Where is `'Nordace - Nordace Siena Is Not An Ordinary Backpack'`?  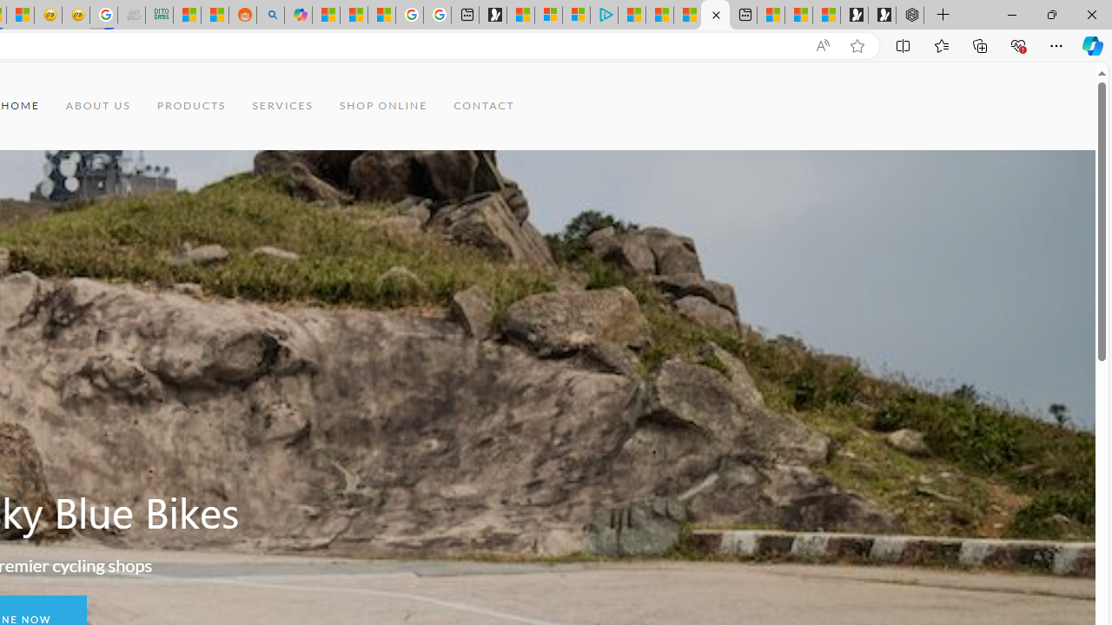 'Nordace - Nordace Siena Is Not An Ordinary Backpack' is located at coordinates (909, 15).